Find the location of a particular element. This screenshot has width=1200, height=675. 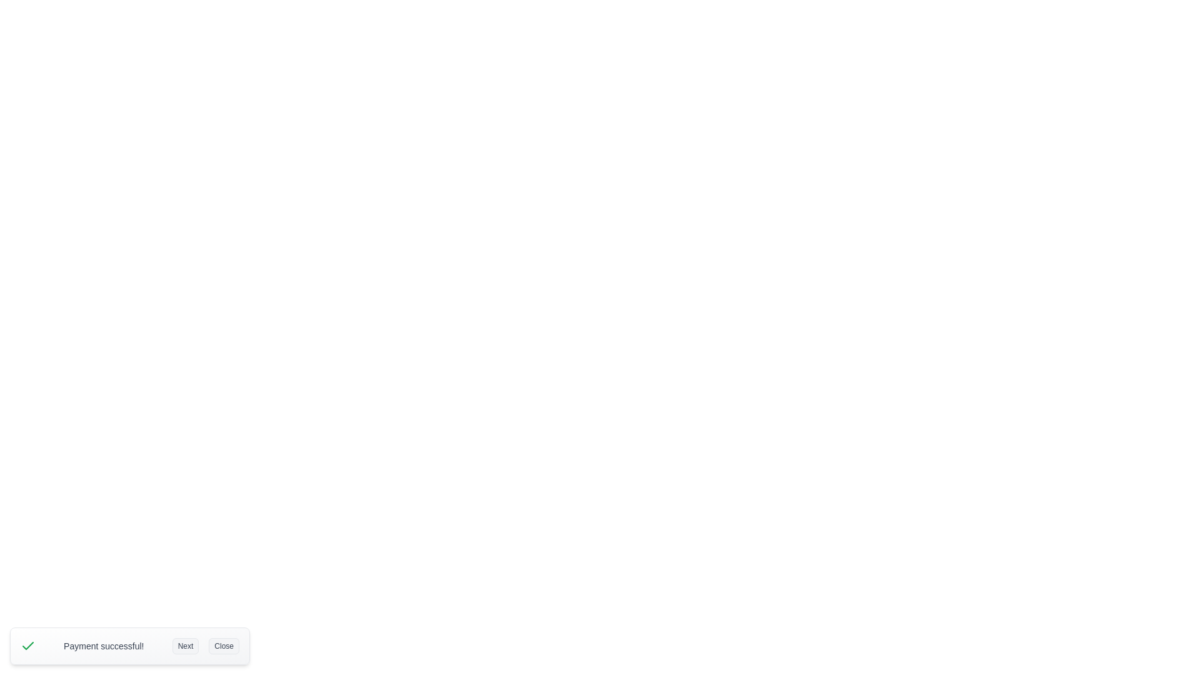

the 'Next' button to cycle through notifications is located at coordinates (184, 646).